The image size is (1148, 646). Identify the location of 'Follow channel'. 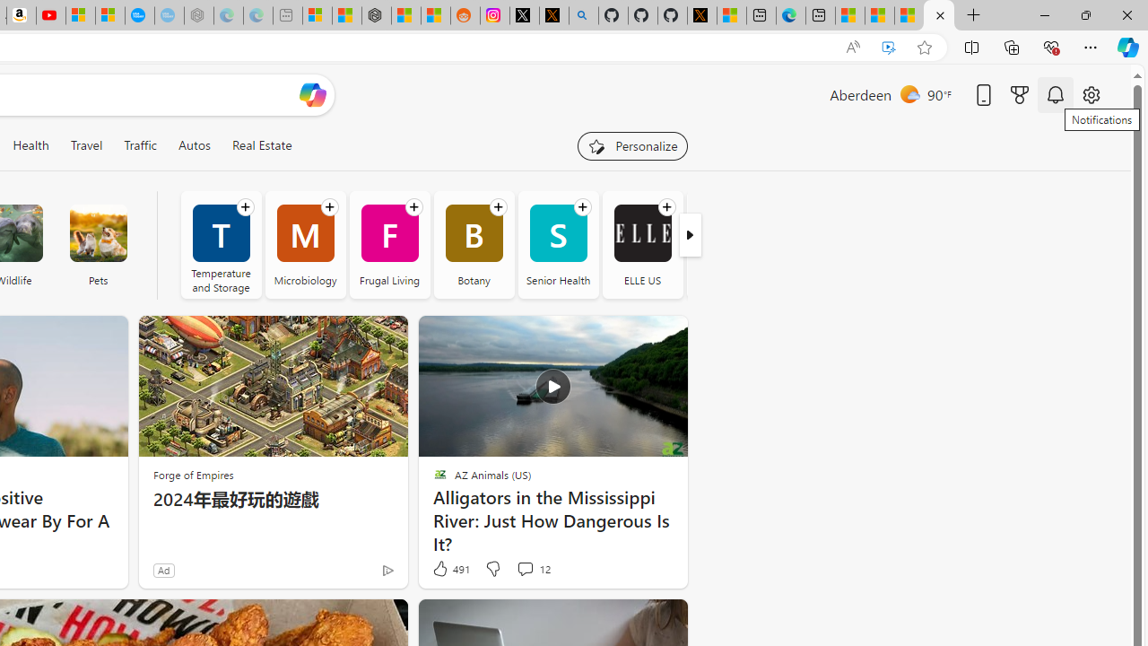
(665, 206).